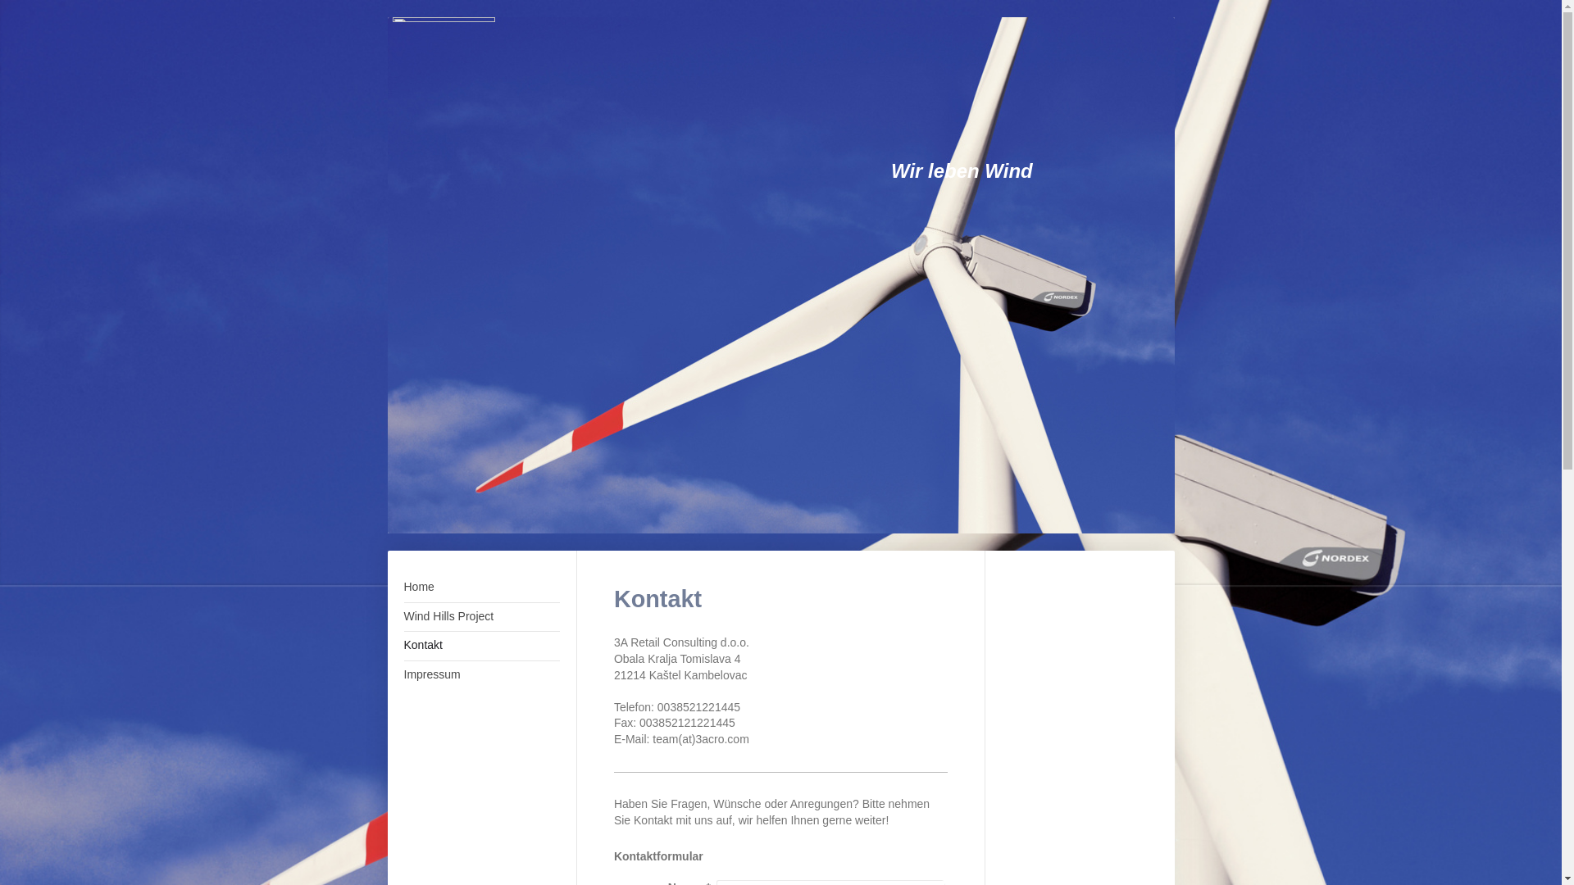  What do you see at coordinates (480, 587) in the screenshot?
I see `'Home'` at bounding box center [480, 587].